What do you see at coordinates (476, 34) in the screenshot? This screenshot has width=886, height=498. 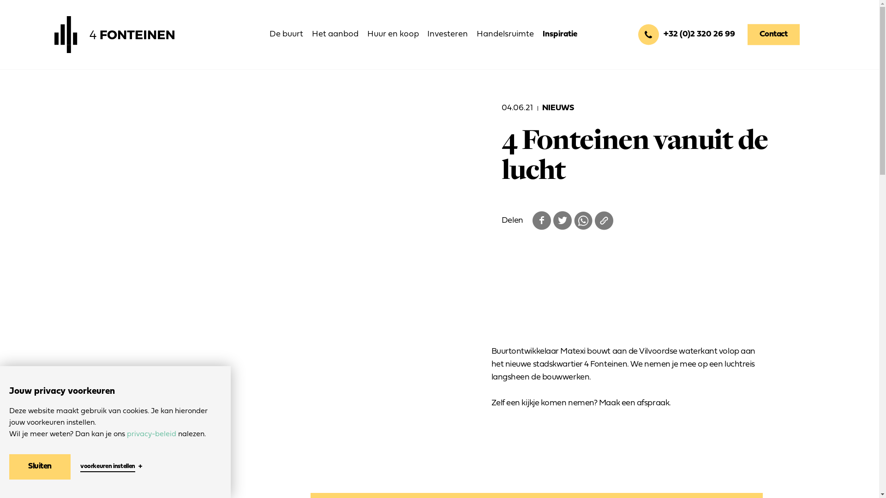 I see `'Handelsruimte'` at bounding box center [476, 34].